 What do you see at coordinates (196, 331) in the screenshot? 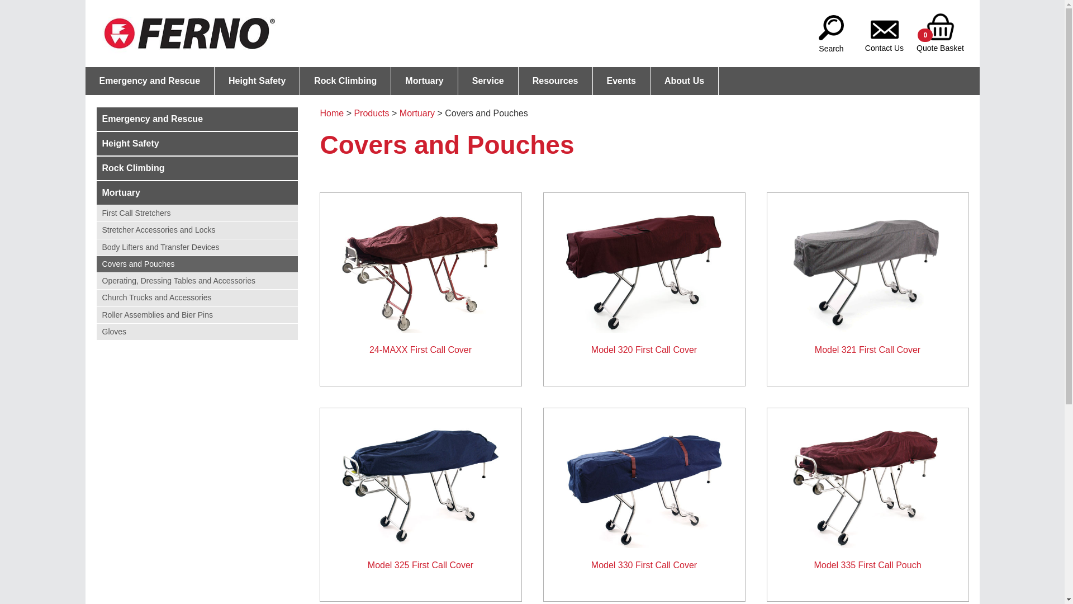
I see `'Gloves'` at bounding box center [196, 331].